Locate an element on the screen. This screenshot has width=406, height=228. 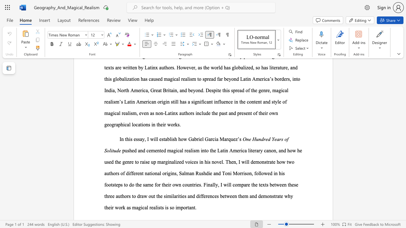
the subset text "Garcia Marq" within the text "how Gabriel Garcia Marquez’s" is located at coordinates (205, 139).